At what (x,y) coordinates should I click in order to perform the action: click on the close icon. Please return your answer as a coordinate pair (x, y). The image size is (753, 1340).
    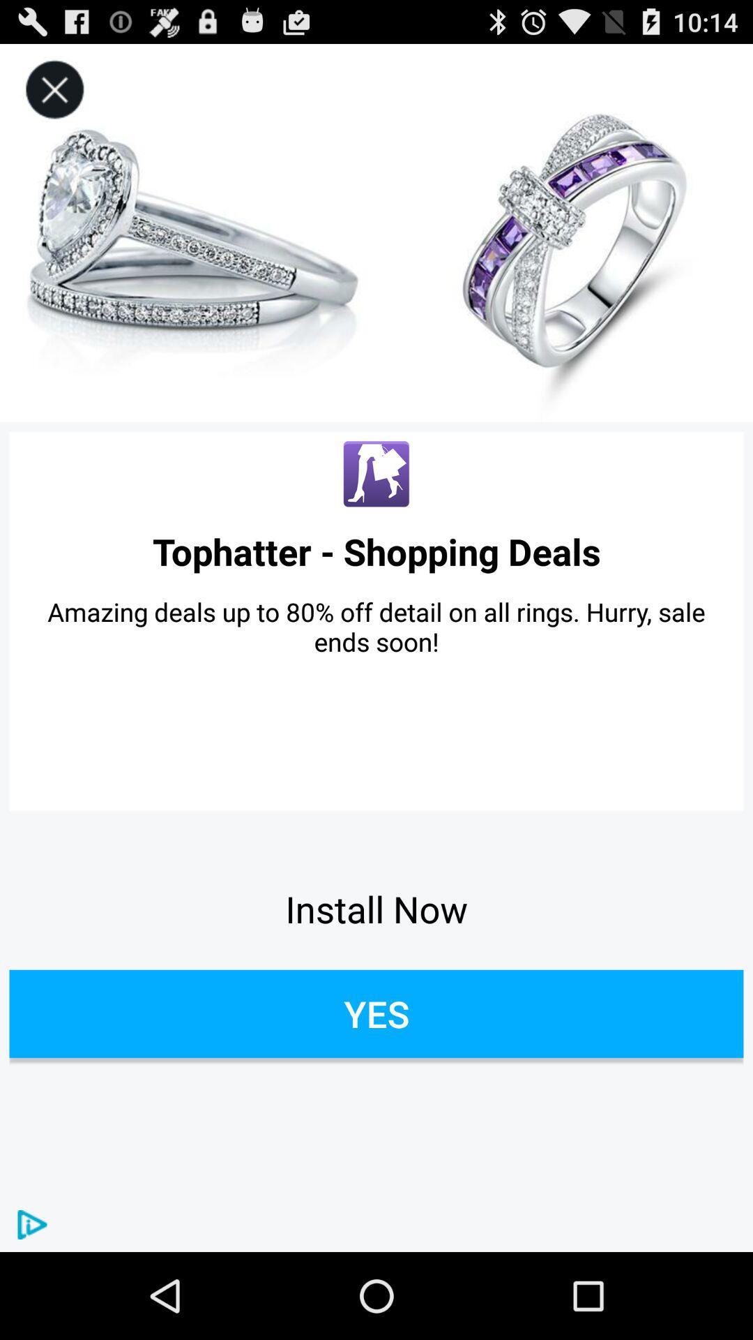
    Looking at the image, I should click on (54, 96).